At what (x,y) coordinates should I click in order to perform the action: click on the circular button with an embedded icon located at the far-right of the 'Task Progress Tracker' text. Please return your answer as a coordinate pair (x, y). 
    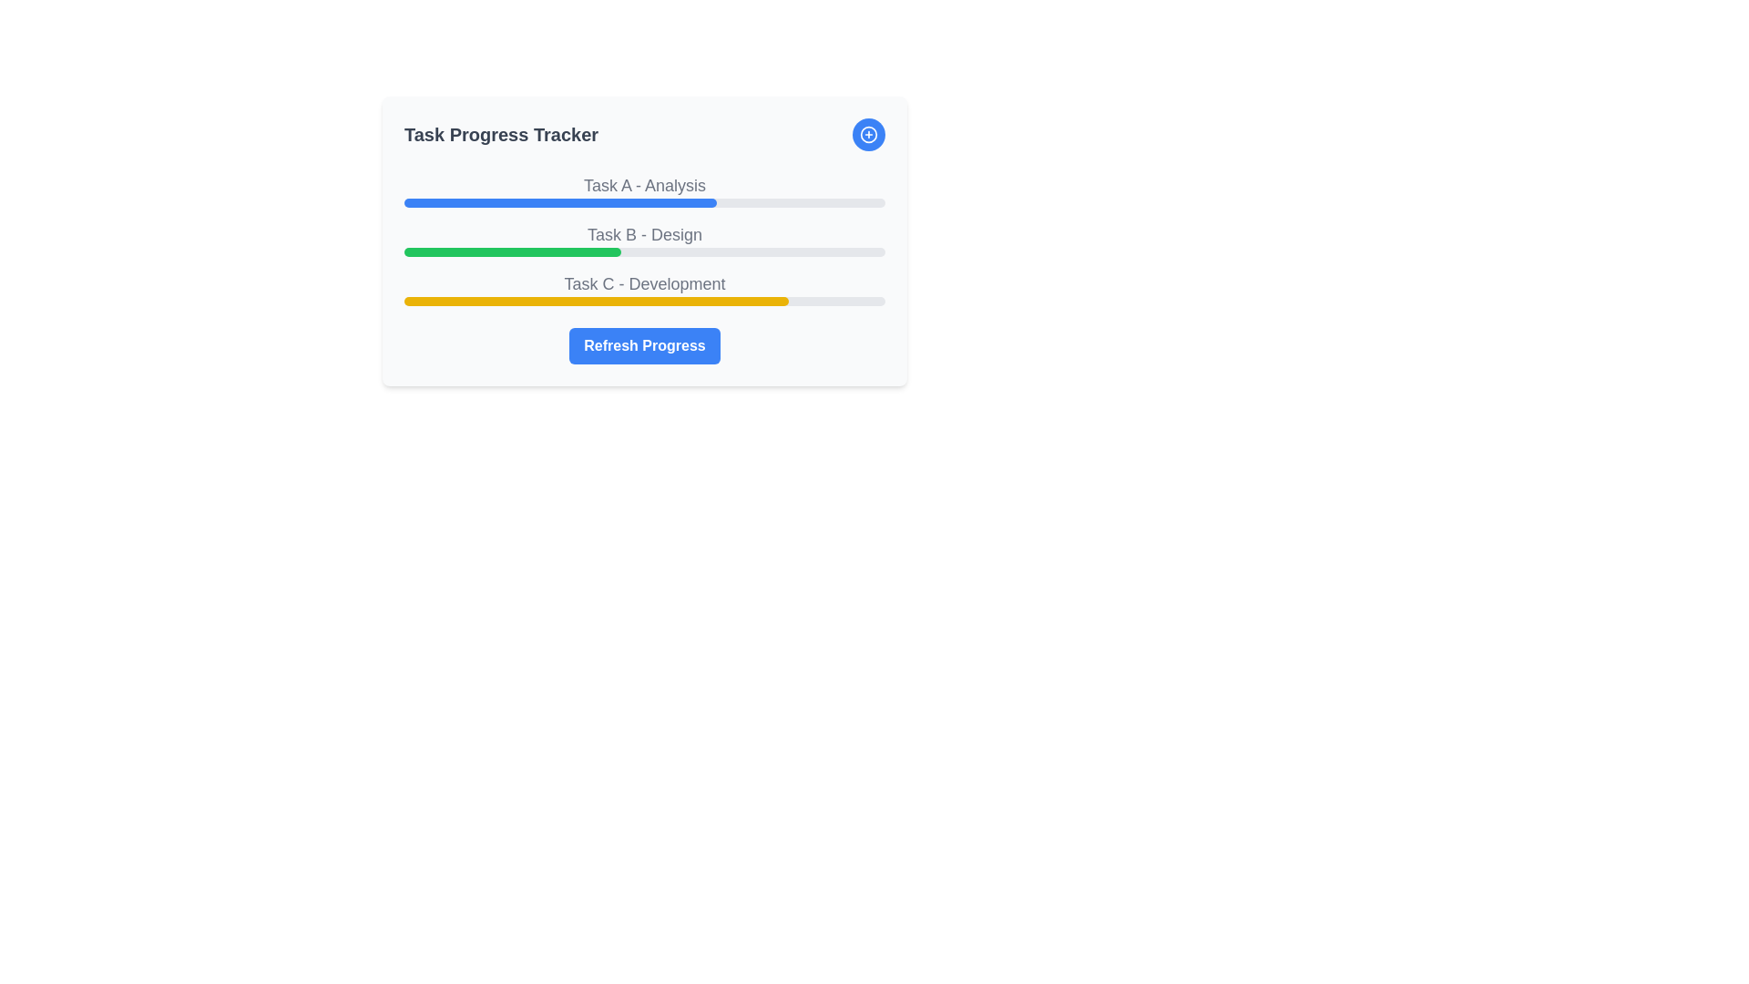
    Looking at the image, I should click on (868, 133).